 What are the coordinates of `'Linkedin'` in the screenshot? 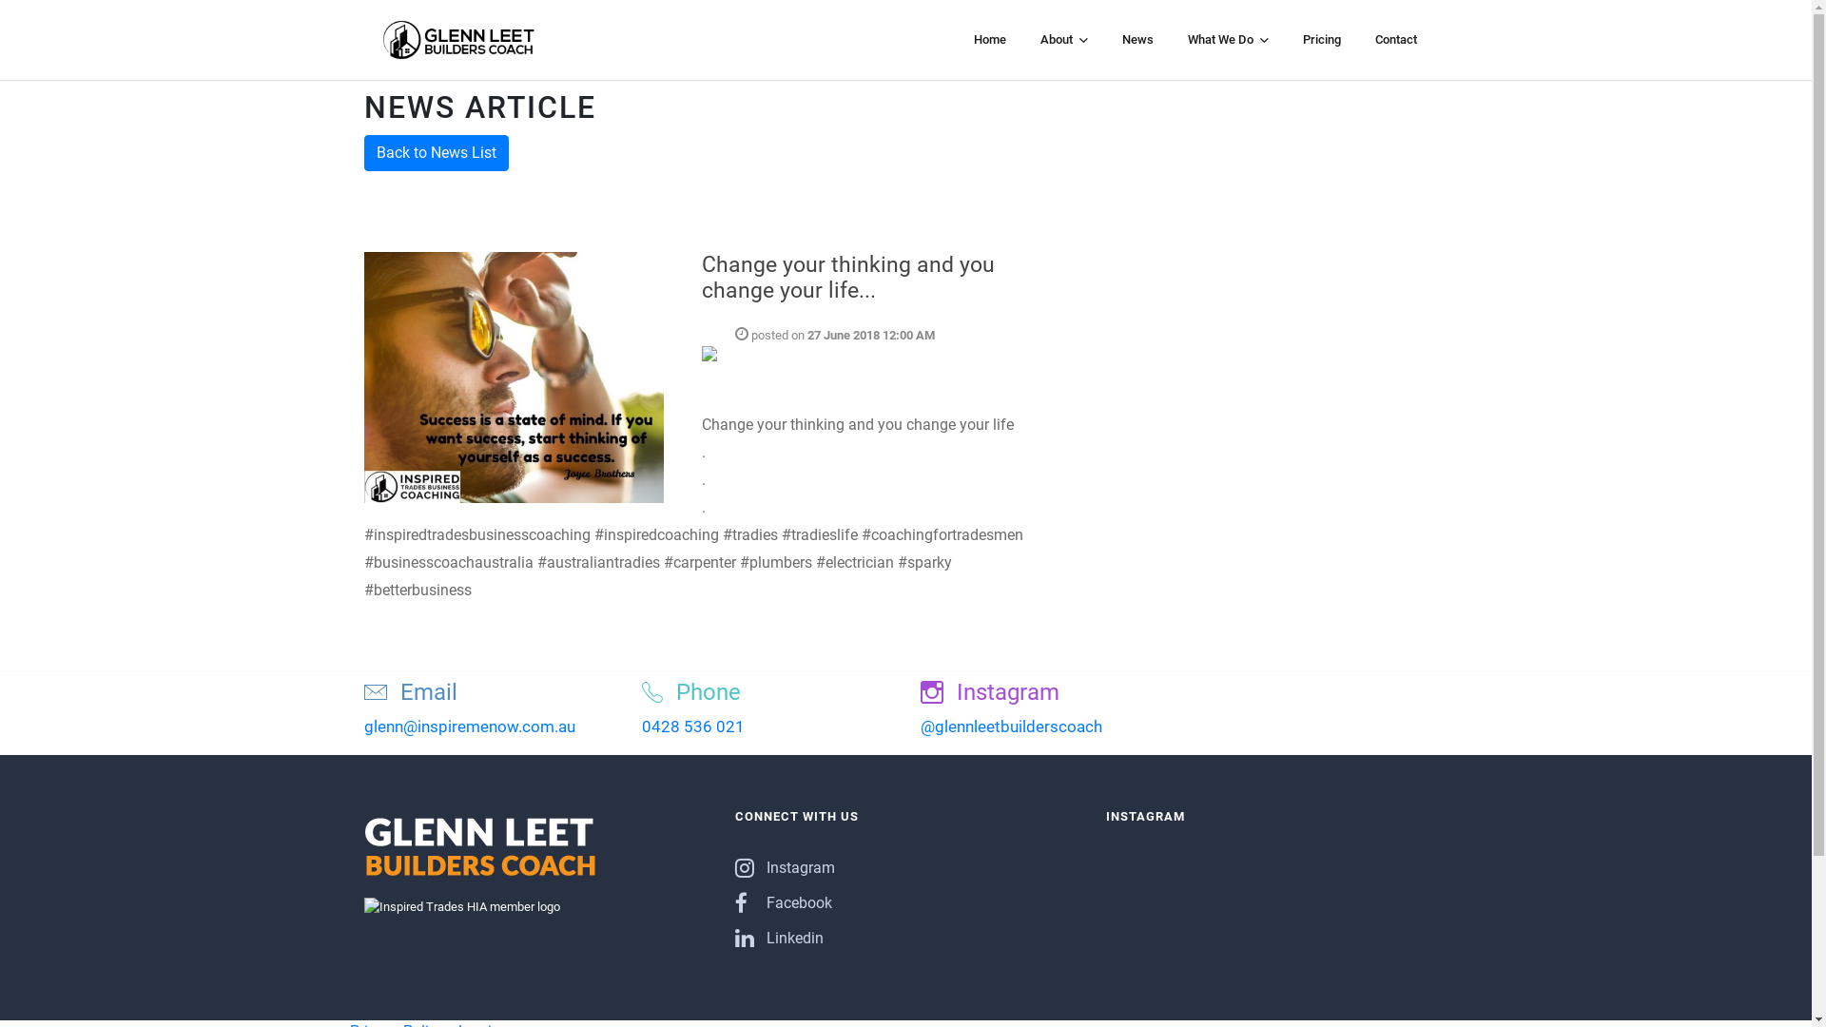 It's located at (778, 937).